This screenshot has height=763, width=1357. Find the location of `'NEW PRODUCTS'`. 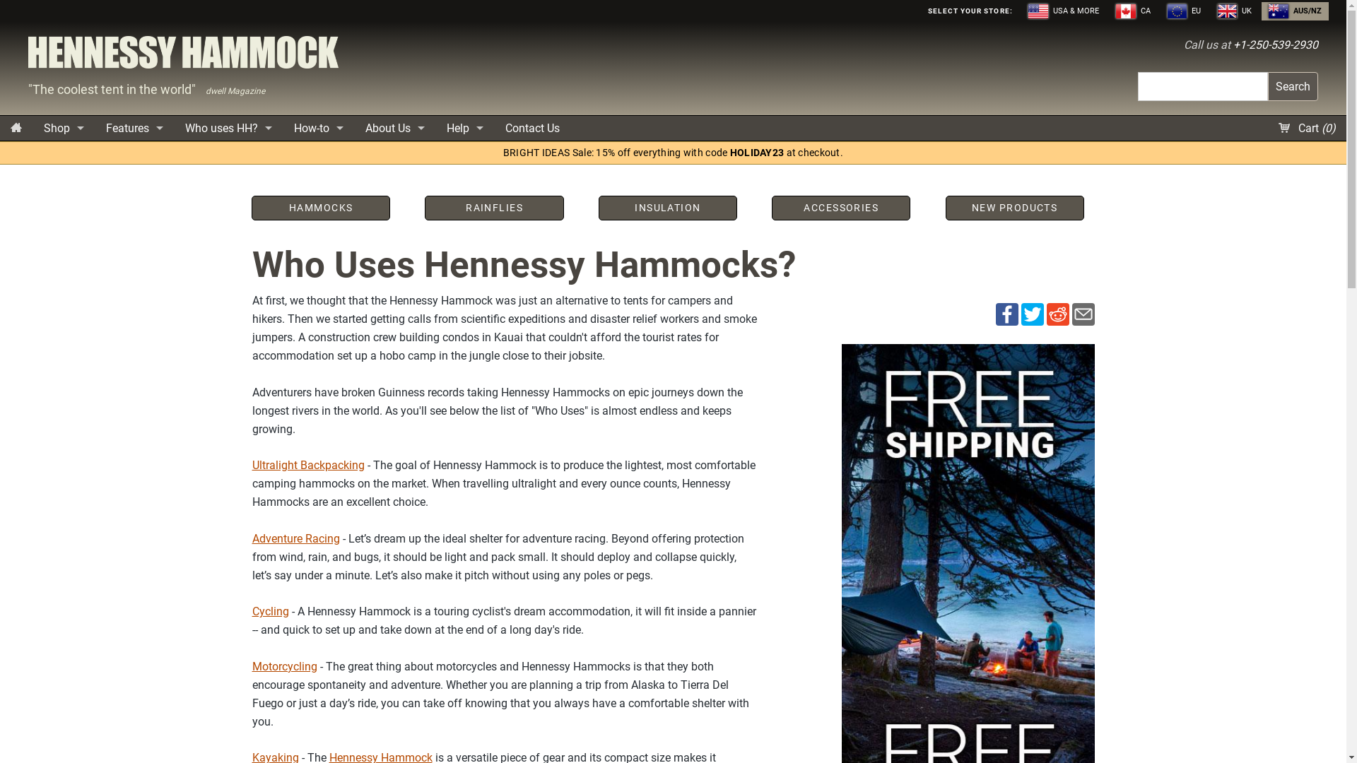

'NEW PRODUCTS' is located at coordinates (948, 208).